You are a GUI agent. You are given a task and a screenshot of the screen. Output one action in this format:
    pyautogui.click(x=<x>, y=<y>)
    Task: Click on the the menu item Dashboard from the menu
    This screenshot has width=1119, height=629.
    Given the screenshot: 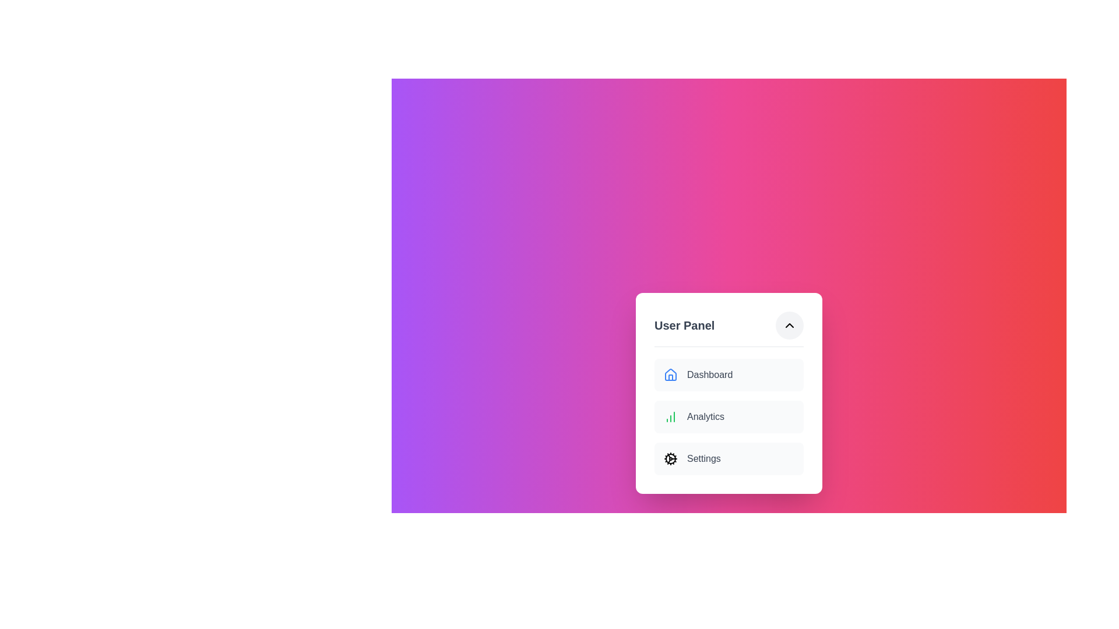 What is the action you would take?
    pyautogui.click(x=729, y=374)
    